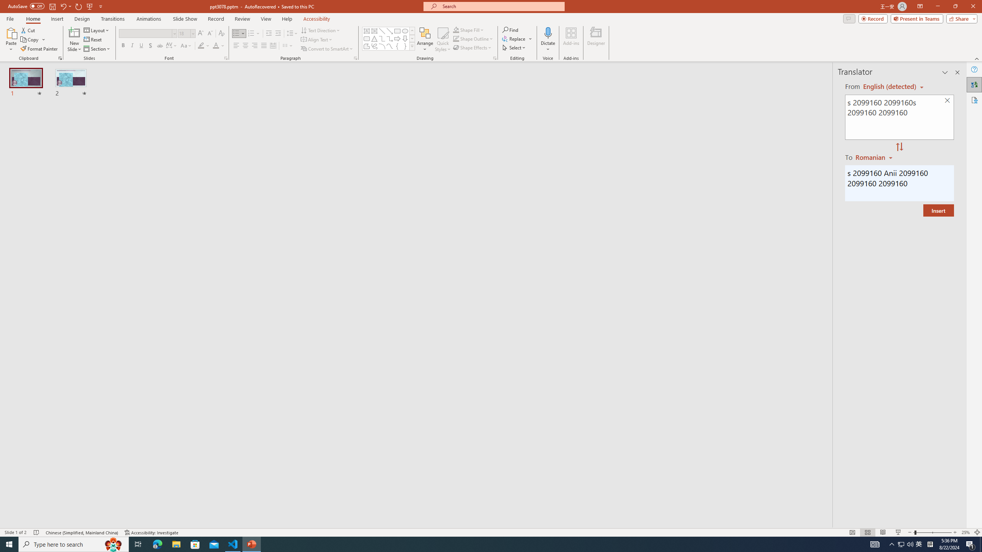 This screenshot has height=552, width=982. Describe the element at coordinates (899, 147) in the screenshot. I see `'Swap "from" and "to" languages.'` at that location.